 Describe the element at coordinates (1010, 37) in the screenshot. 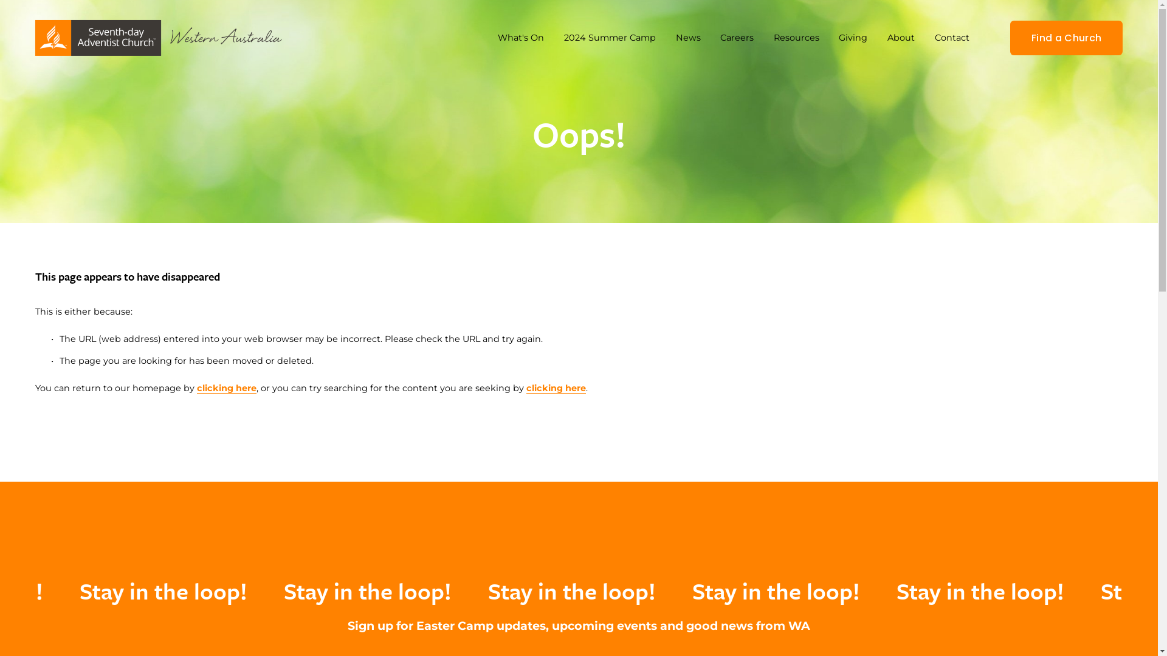

I see `'Find a Church'` at that location.